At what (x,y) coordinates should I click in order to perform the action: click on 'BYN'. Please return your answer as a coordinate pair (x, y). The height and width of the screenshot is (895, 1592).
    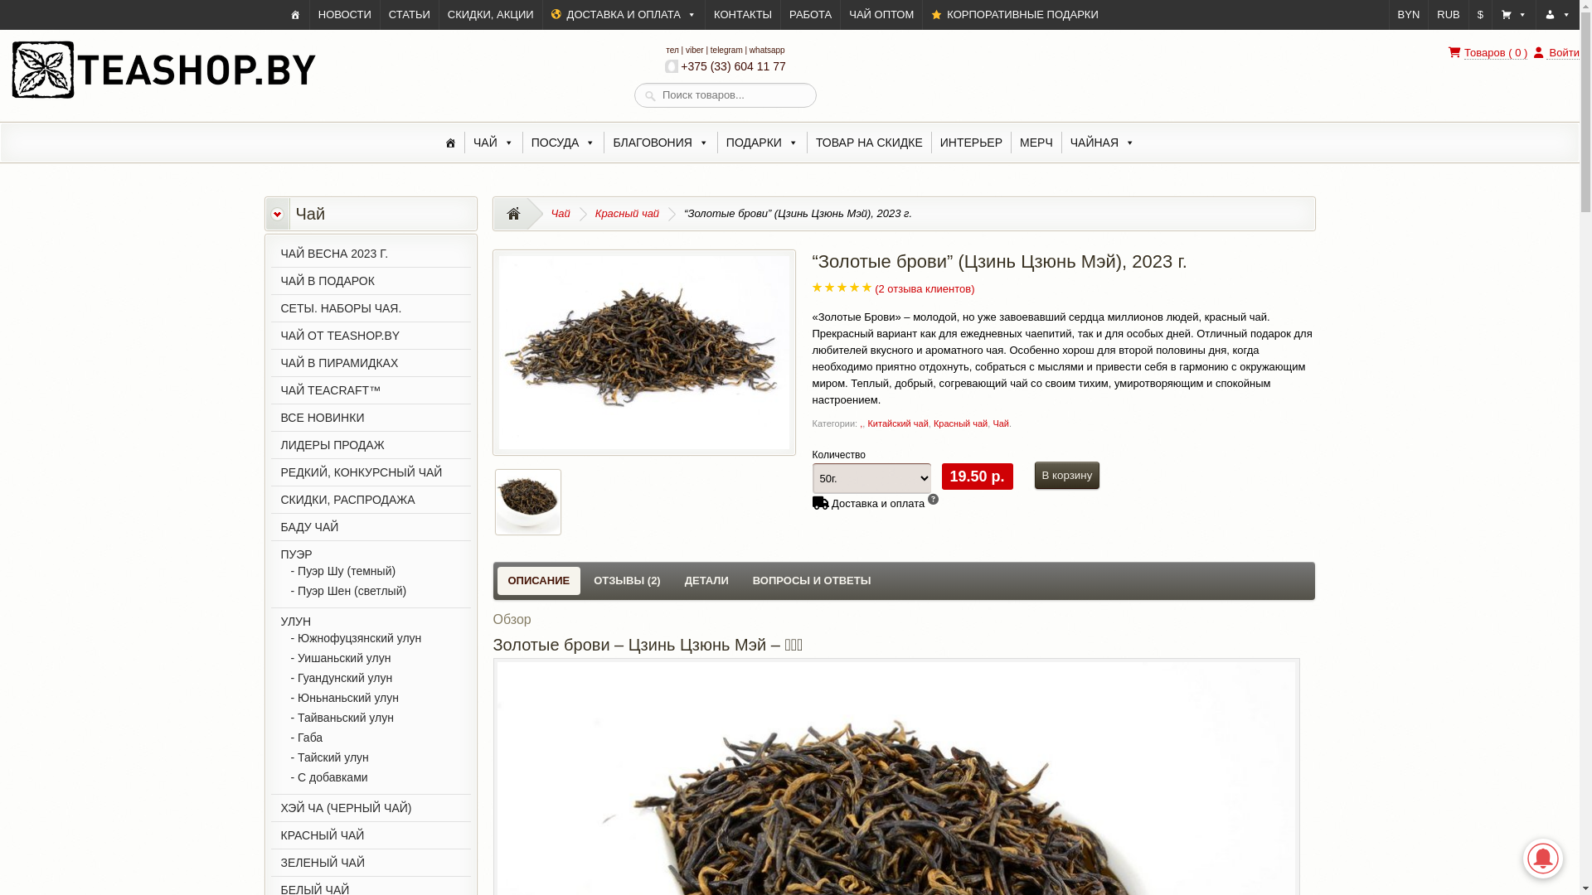
    Looking at the image, I should click on (1408, 15).